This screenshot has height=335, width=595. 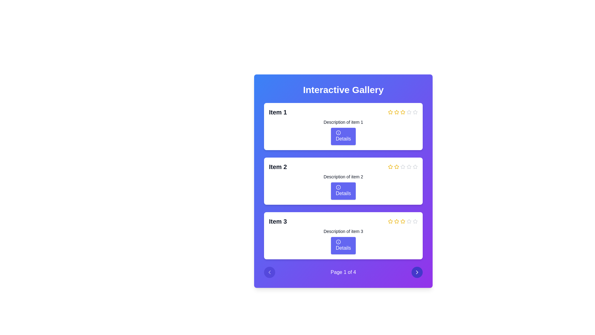 What do you see at coordinates (343, 177) in the screenshot?
I see `text label providing additional information about 'Item 2' located in the card layout, positioned between the title and the 'Details' button` at bounding box center [343, 177].